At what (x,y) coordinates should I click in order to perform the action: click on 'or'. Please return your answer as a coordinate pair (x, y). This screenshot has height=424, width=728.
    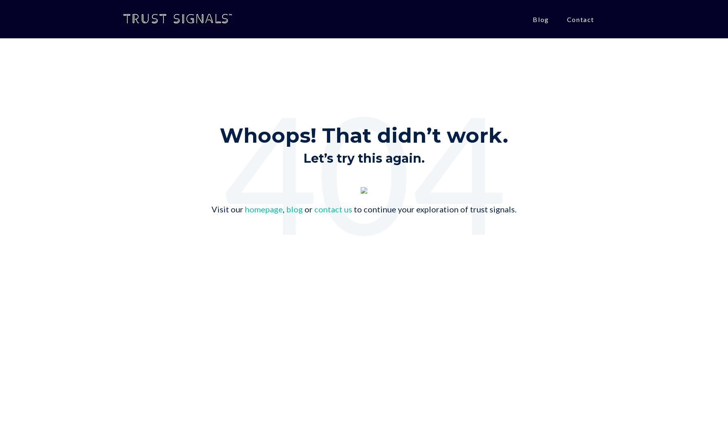
    Looking at the image, I should click on (308, 209).